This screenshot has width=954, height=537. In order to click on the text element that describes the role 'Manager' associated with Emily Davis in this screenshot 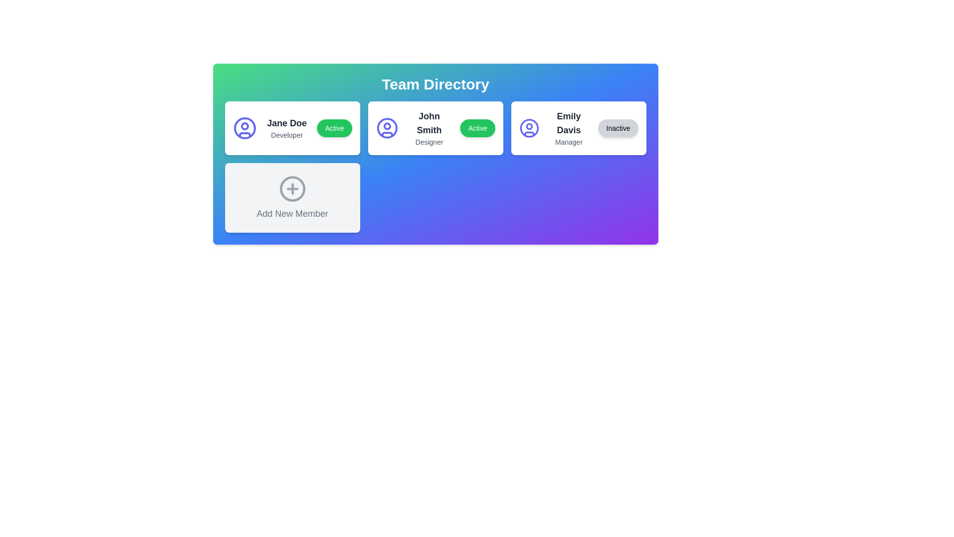, I will do `click(568, 142)`.